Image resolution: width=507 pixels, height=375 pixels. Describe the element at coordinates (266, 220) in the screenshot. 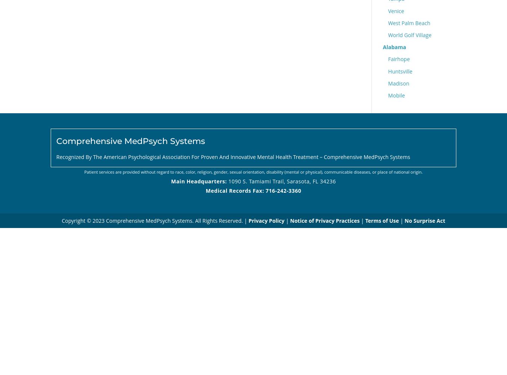

I see `'Privacy Policy'` at that location.